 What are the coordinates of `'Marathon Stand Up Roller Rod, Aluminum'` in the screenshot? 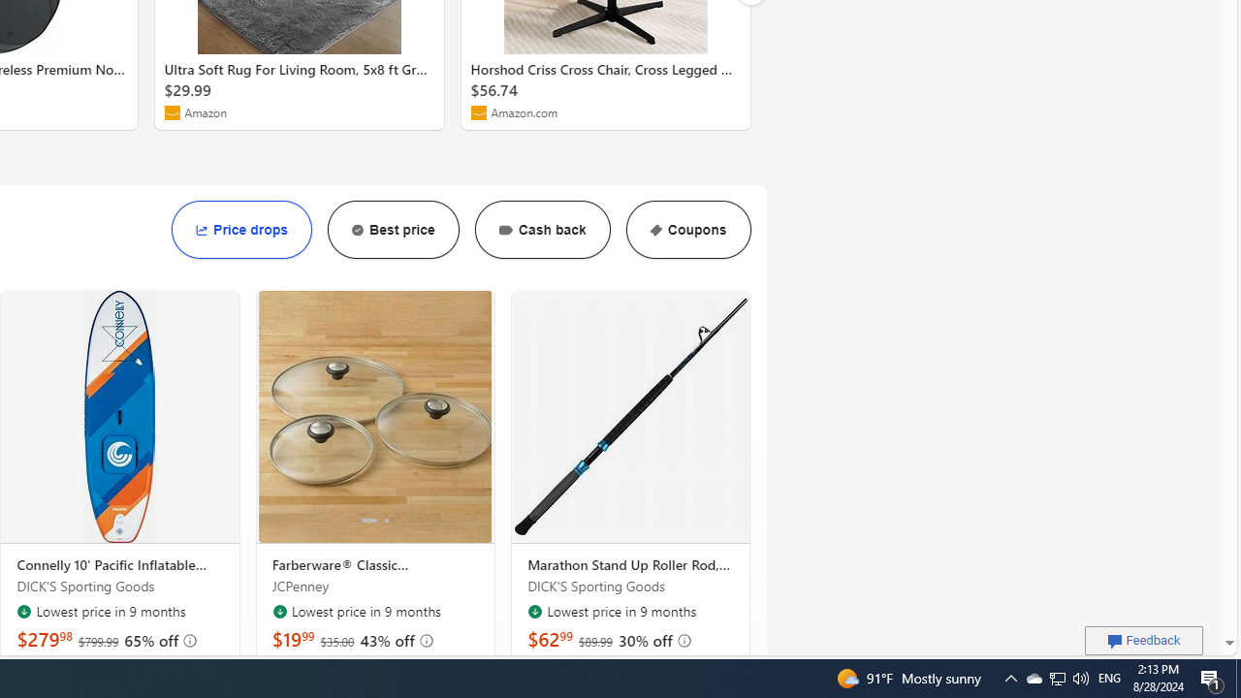 It's located at (630, 416).